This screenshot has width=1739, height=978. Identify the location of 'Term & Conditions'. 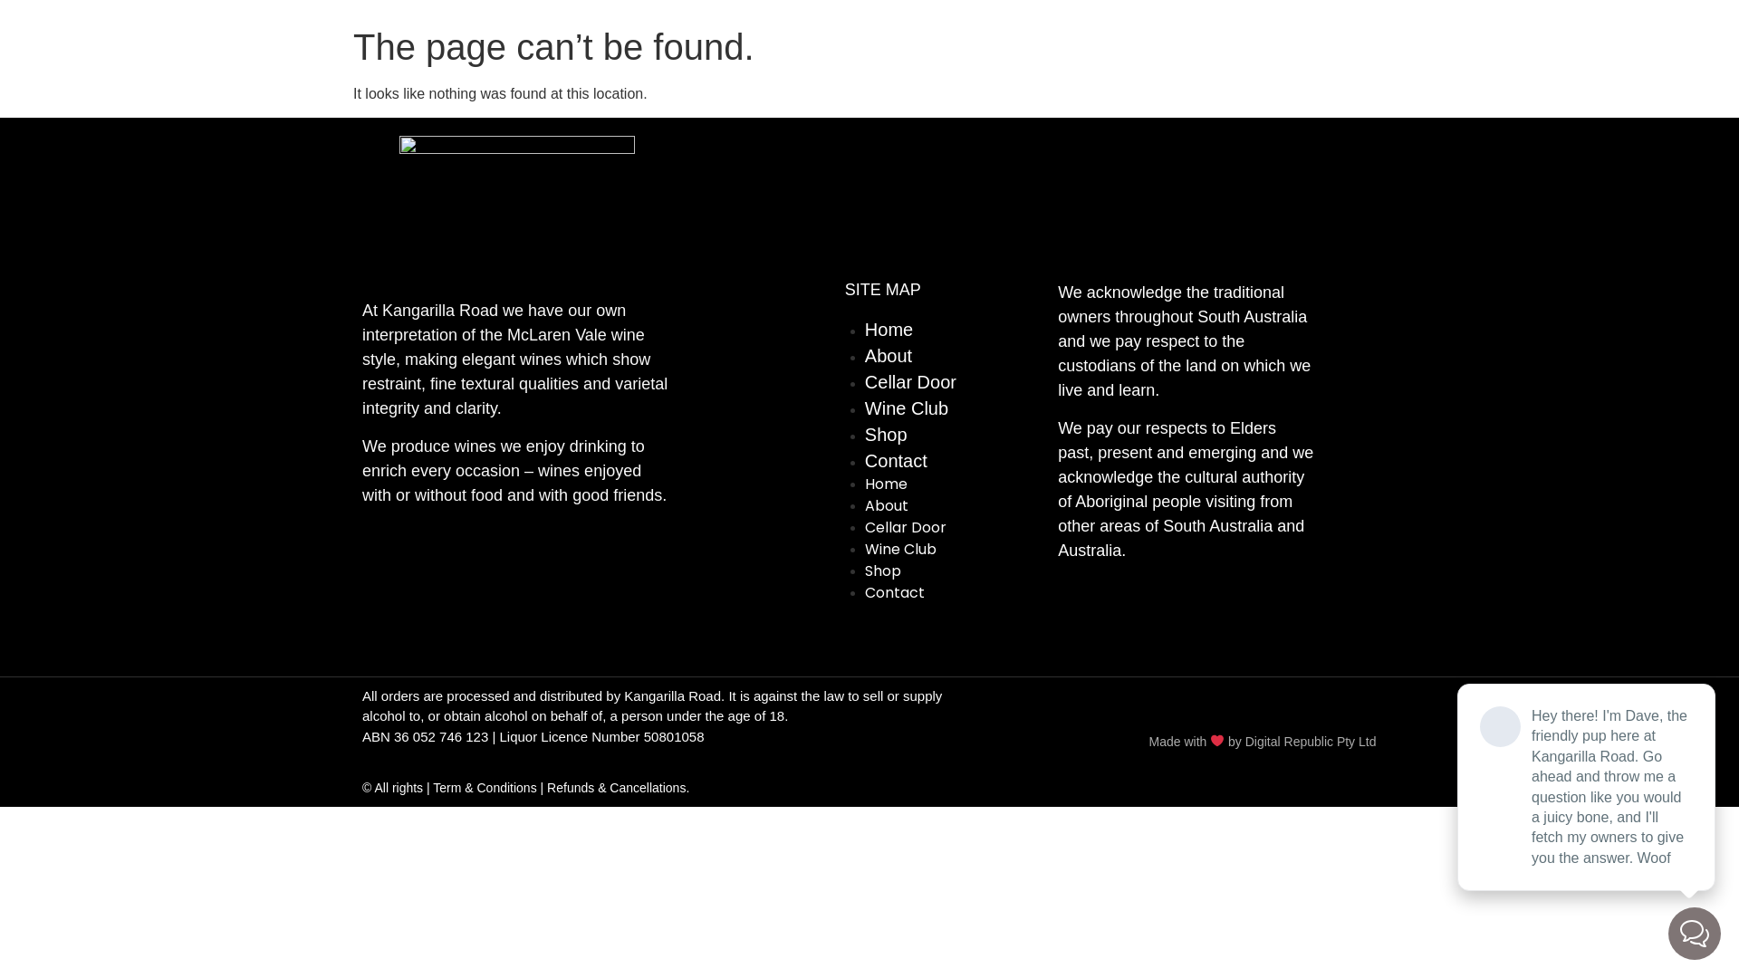
(484, 787).